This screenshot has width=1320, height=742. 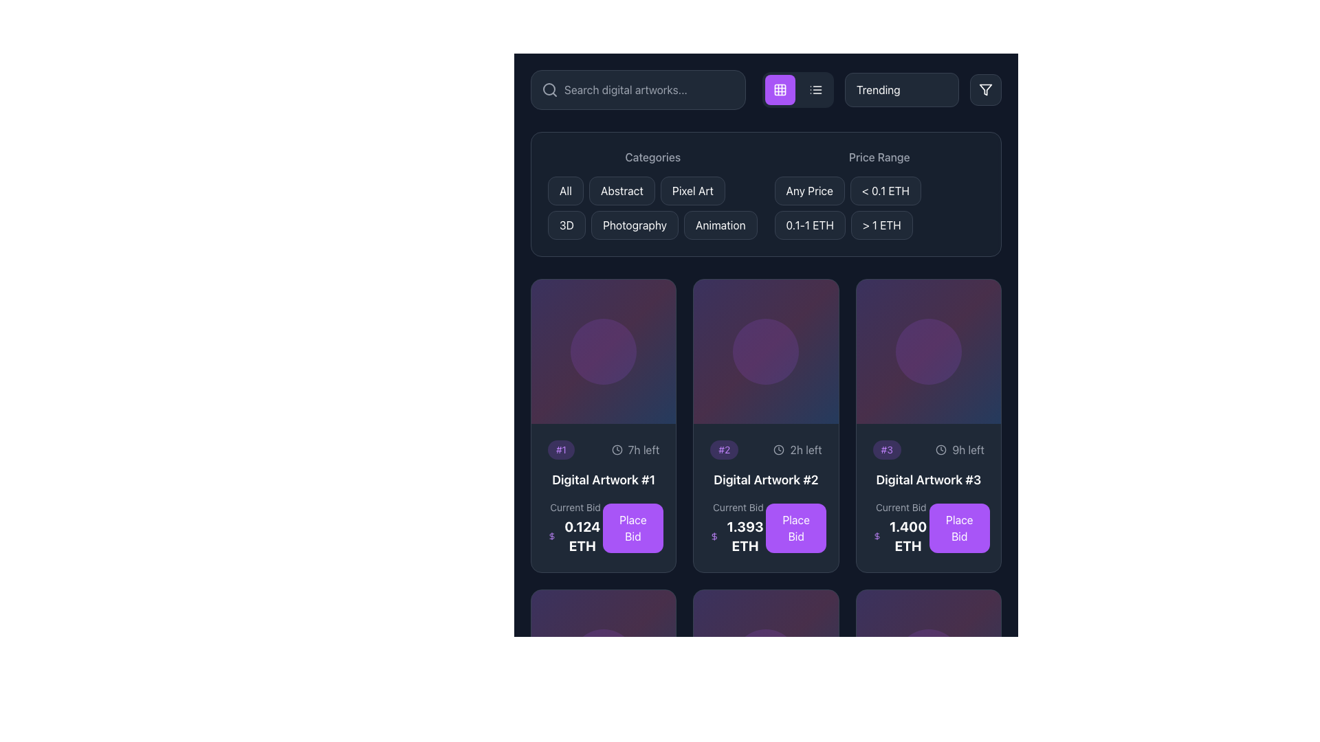 What do you see at coordinates (621, 190) in the screenshot?
I see `the 'Abstract' button, which is a rectangular button with rounded corners, filled with dark gray color and light text, located between 'All' and 'Pixel Art' buttons, to filter to the Abstract category` at bounding box center [621, 190].